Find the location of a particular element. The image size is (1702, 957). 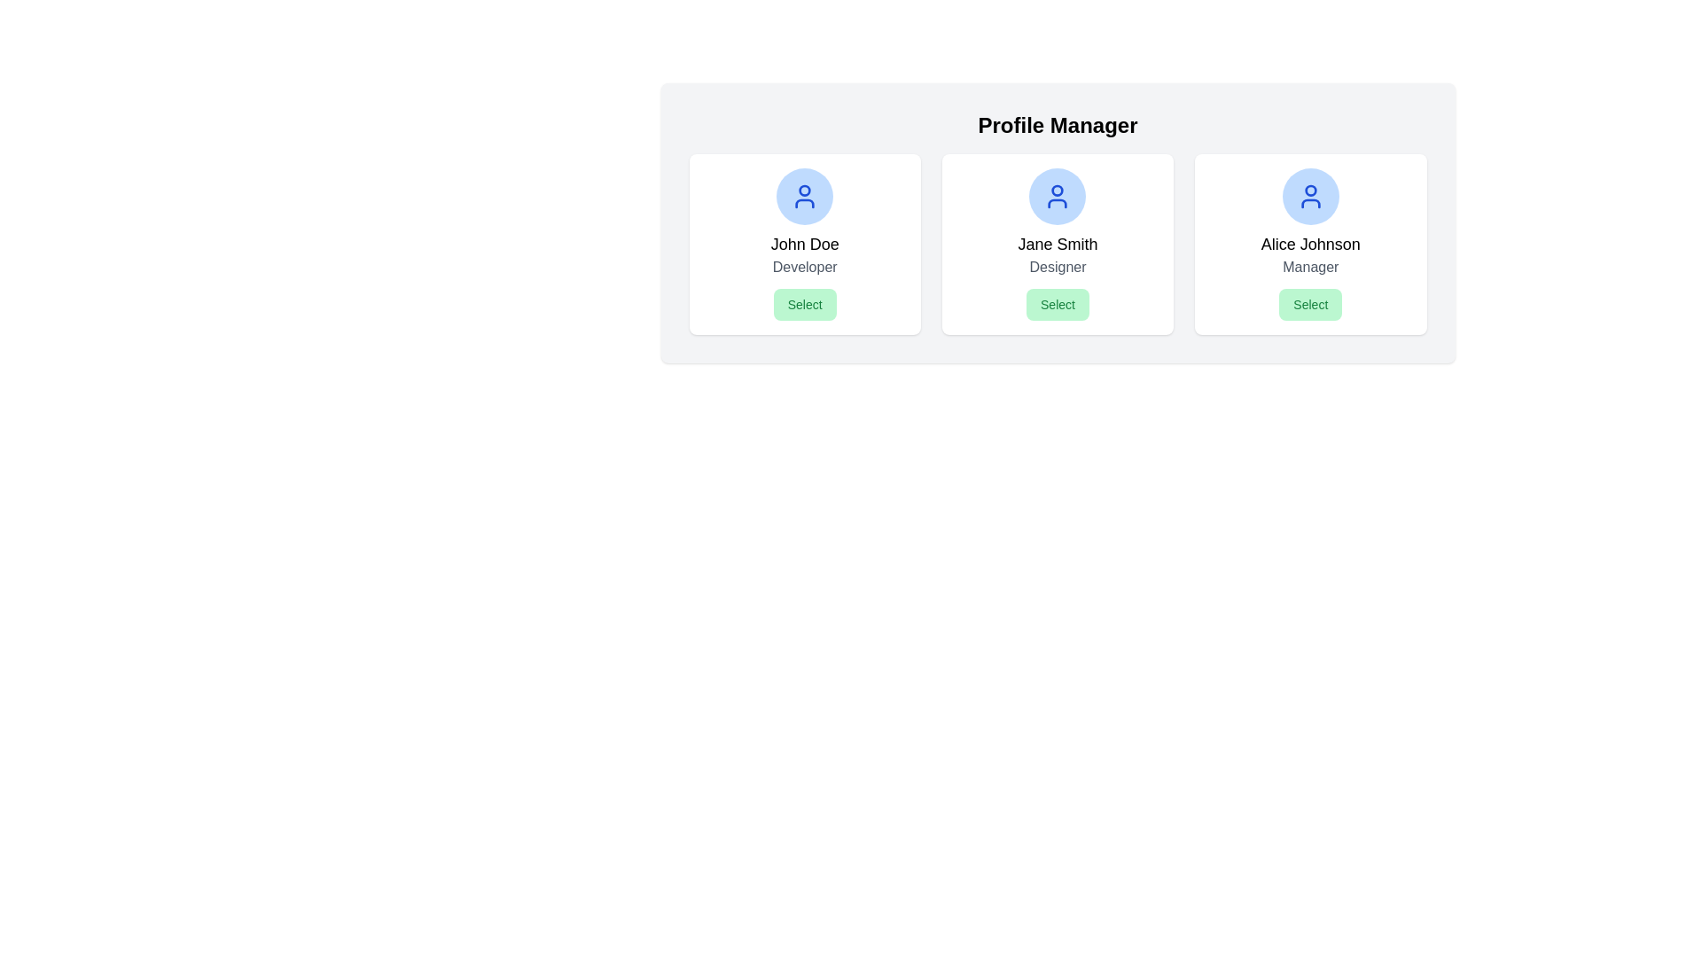

displayed name from the text label located in the upper-middle of the first card, which is identified by its unique position relative to the user icon above it and the 'Developer' descriptor below it is located at coordinates (804, 245).